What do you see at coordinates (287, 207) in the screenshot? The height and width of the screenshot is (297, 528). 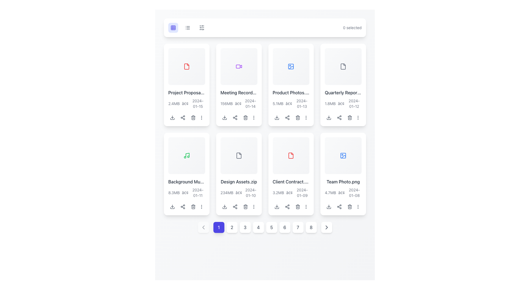 I see `the share icon button located in the utility icons at the bottom of the 'Client Contract' card for accessibility navigation` at bounding box center [287, 207].